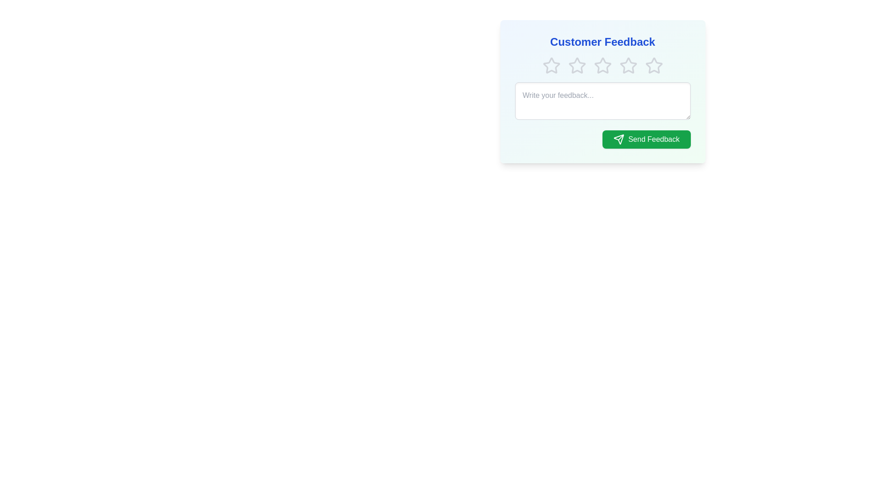 Image resolution: width=879 pixels, height=494 pixels. Describe the element at coordinates (653, 65) in the screenshot. I see `the star corresponding to the desired rating 5` at that location.